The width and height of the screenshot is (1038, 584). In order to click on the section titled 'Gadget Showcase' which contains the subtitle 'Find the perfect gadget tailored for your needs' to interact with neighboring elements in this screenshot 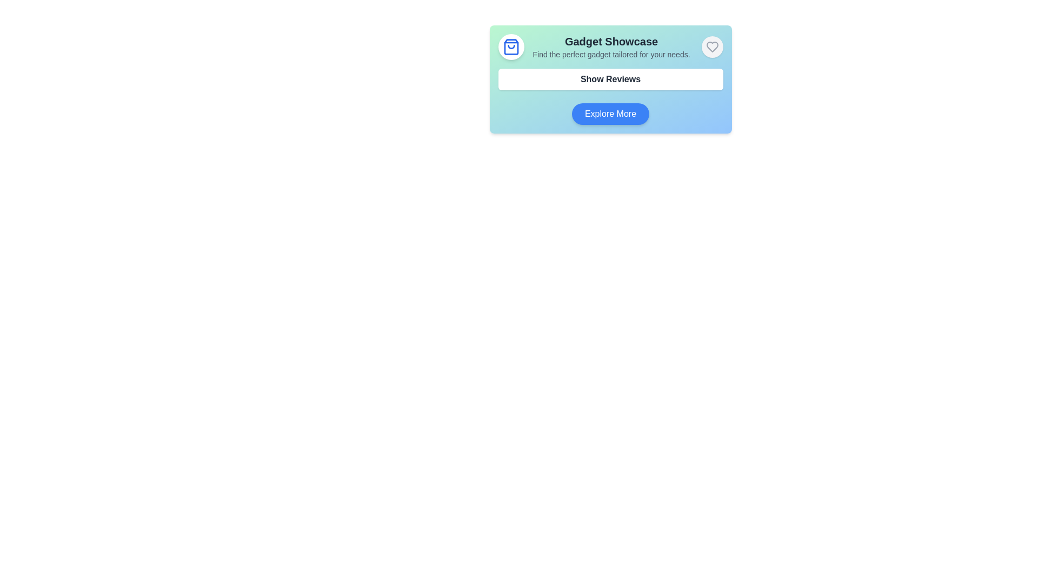, I will do `click(594, 47)`.